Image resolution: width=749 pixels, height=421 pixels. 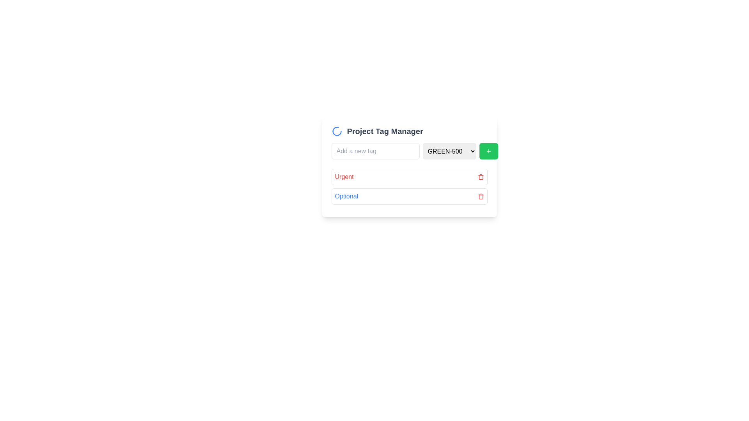 What do you see at coordinates (346, 196) in the screenshot?
I see `the 'Optional' text label element, which is displayed in a medium-sized blue font and is situated just below the 'Urgent' text and to the left of a red delete icon` at bounding box center [346, 196].